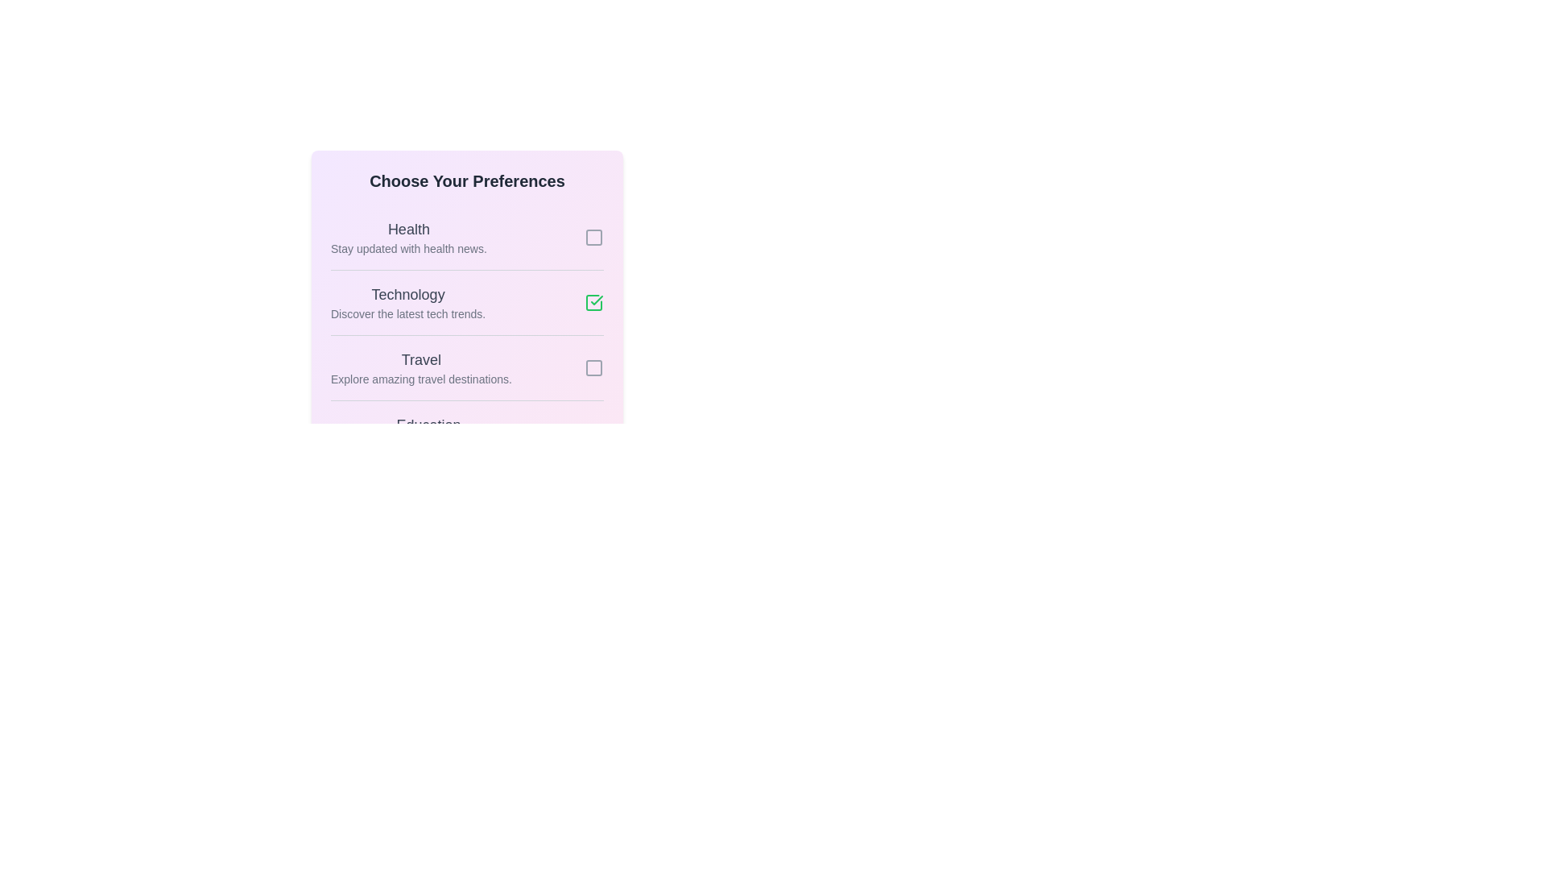 This screenshot has width=1546, height=870. I want to click on the preference item identified by Technology, so click(593, 302).